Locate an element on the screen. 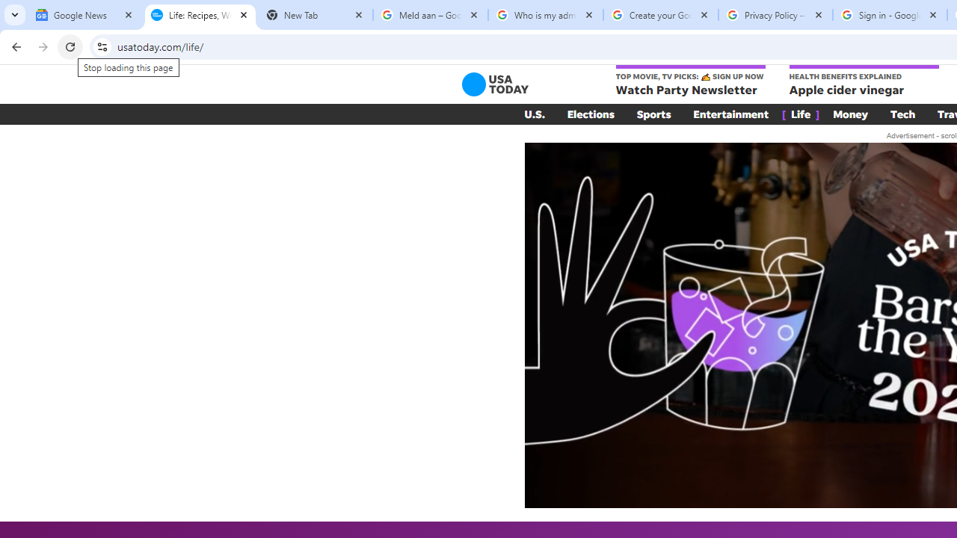  'Money' is located at coordinates (850, 114).